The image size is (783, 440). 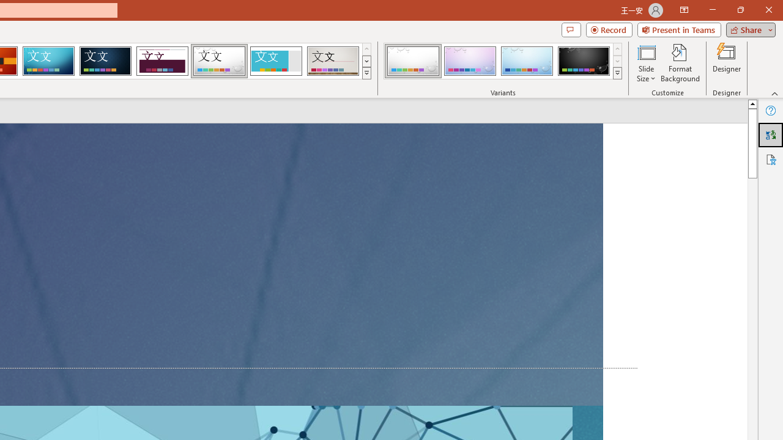 What do you see at coordinates (617, 73) in the screenshot?
I see `'Variants'` at bounding box center [617, 73].